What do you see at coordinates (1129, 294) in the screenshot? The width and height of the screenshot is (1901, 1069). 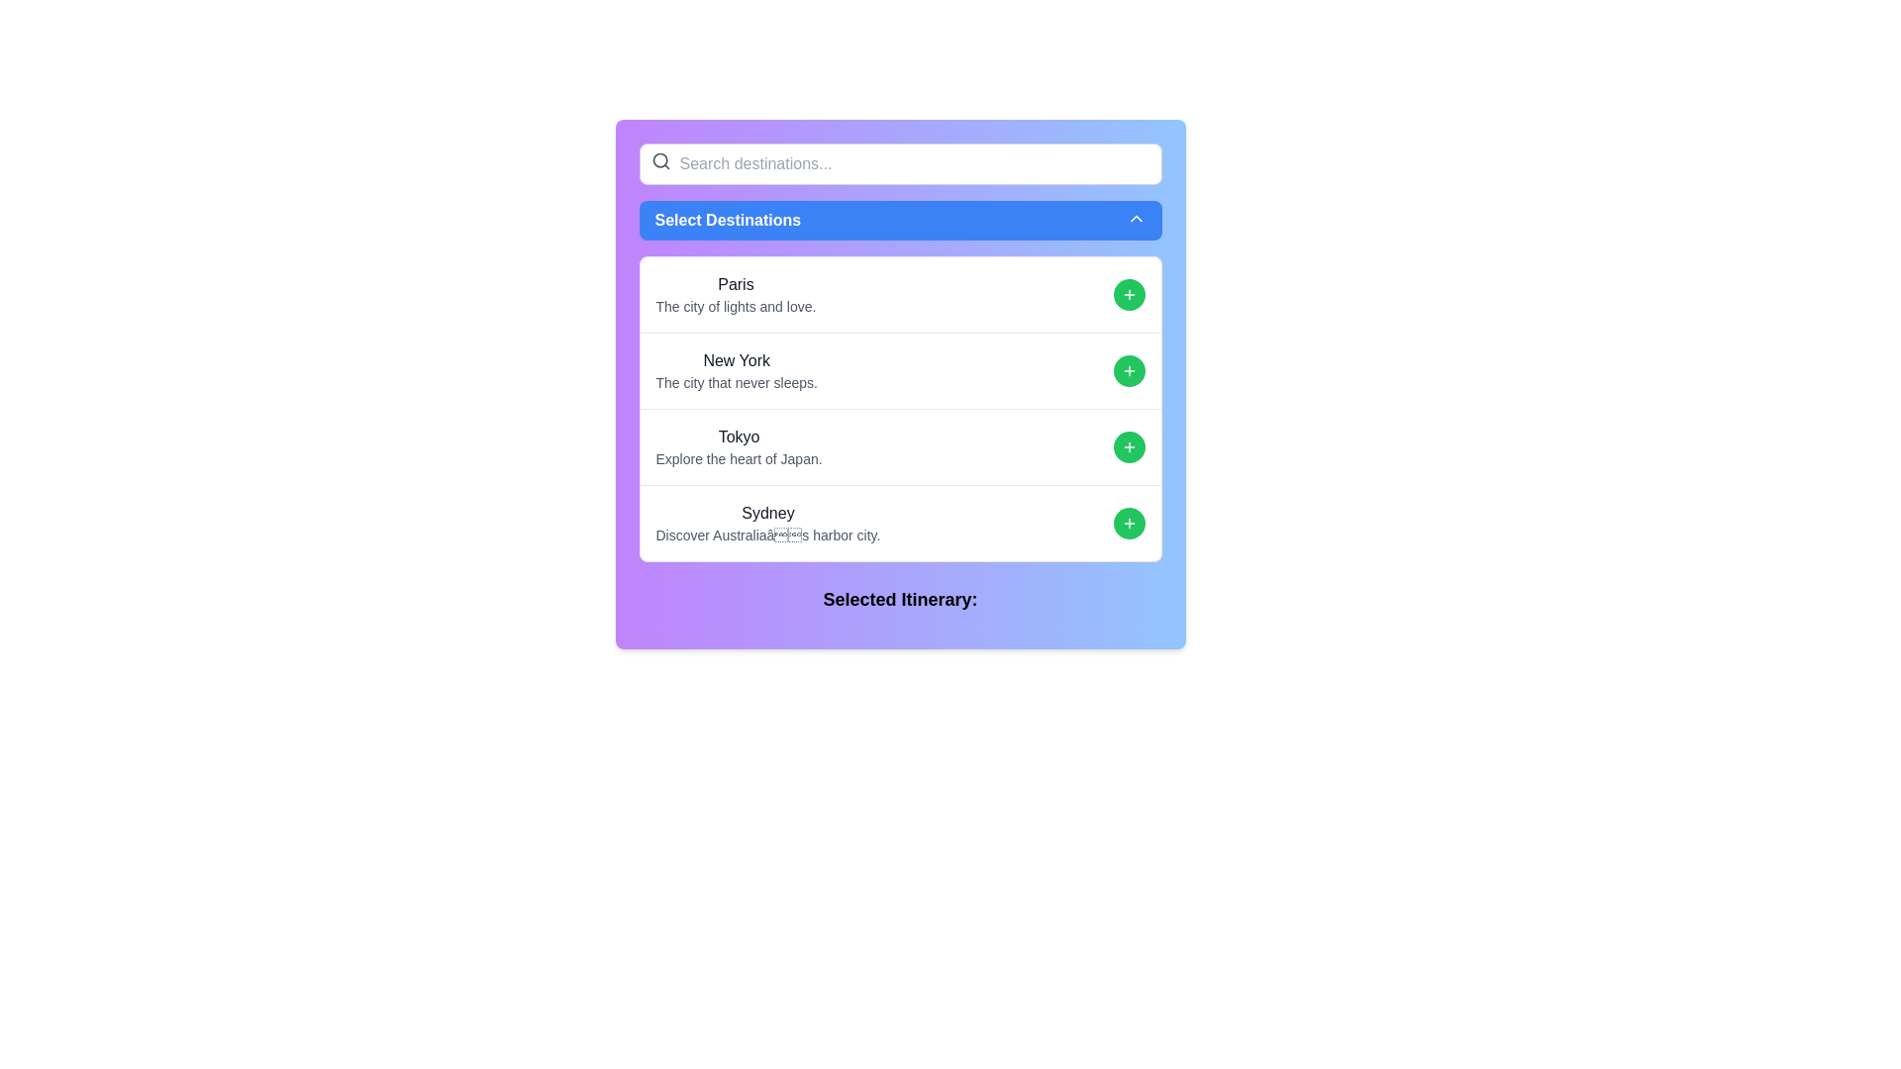 I see `the circular green button with a white plus symbol` at bounding box center [1129, 294].